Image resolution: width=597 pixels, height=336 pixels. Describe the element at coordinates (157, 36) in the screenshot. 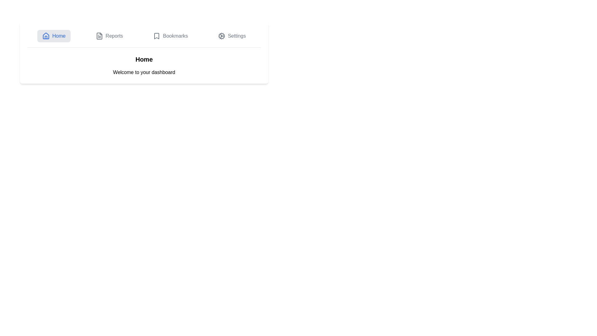

I see `the 'Bookmarks' icon in the top navigation bar, which serves as a visual indicator for the bookmarks section` at that location.